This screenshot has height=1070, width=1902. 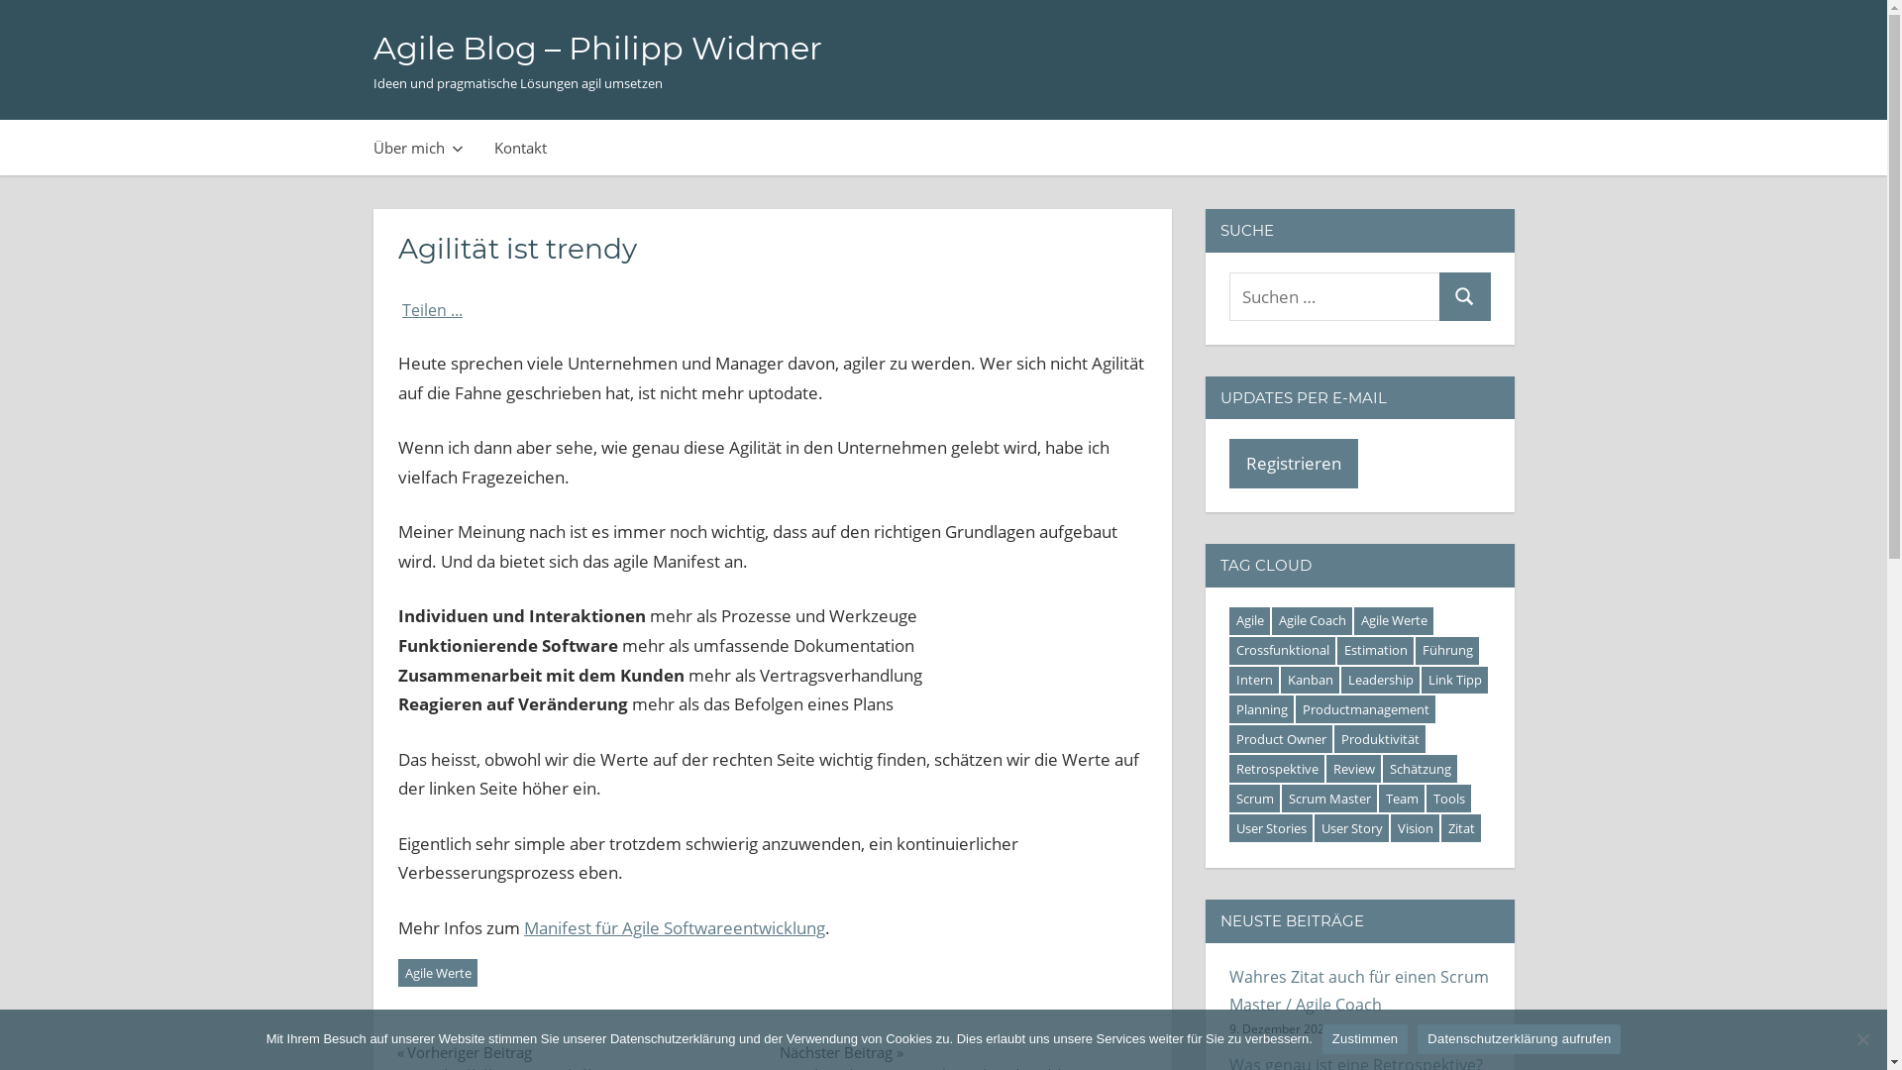 I want to click on 'Agile', so click(x=1228, y=620).